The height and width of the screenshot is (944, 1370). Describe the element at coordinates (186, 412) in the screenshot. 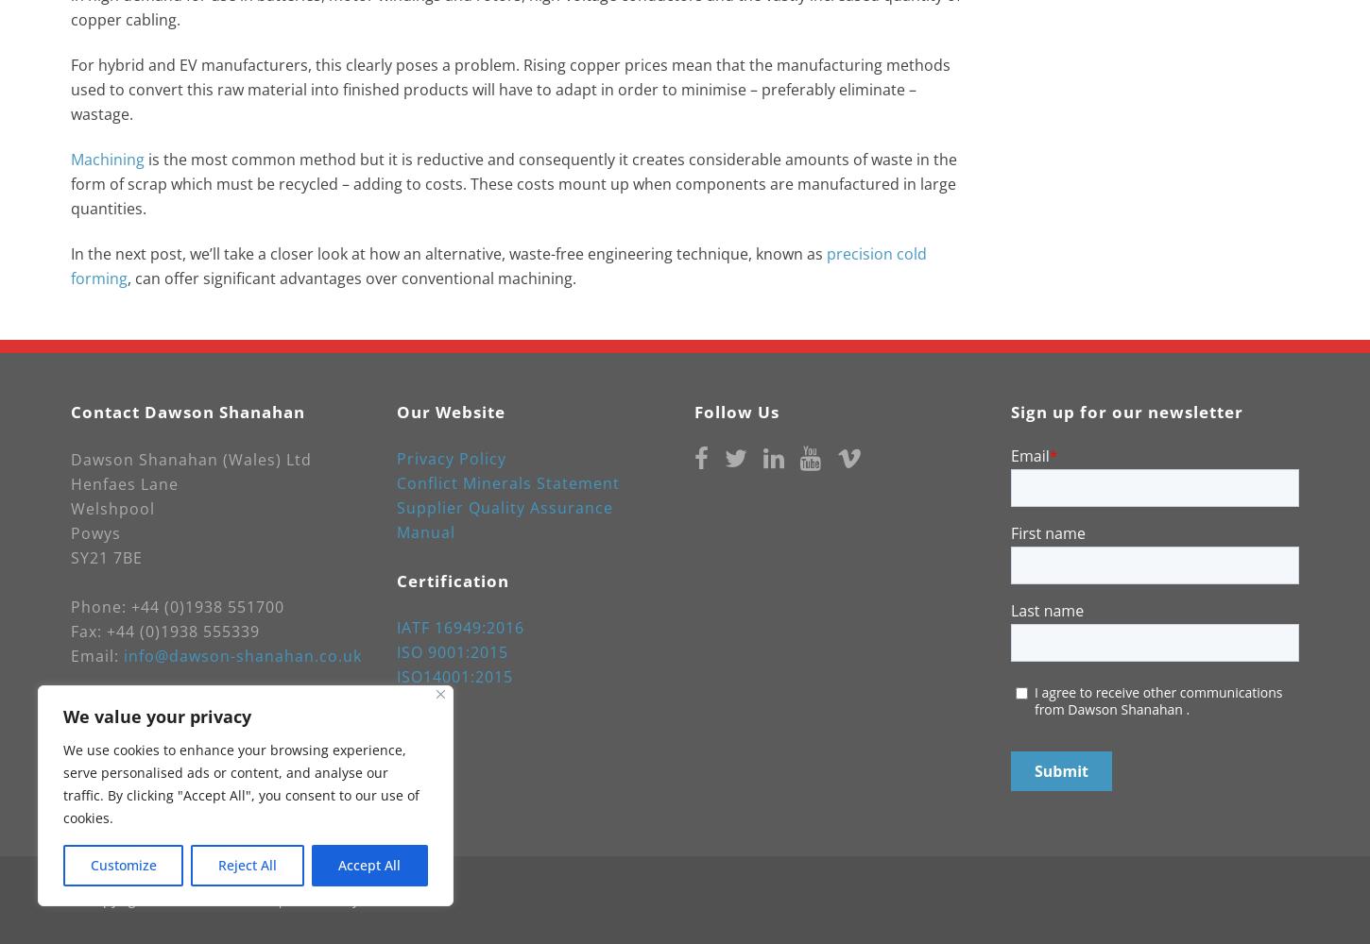

I see `'Contact Dawson Shanahan'` at that location.